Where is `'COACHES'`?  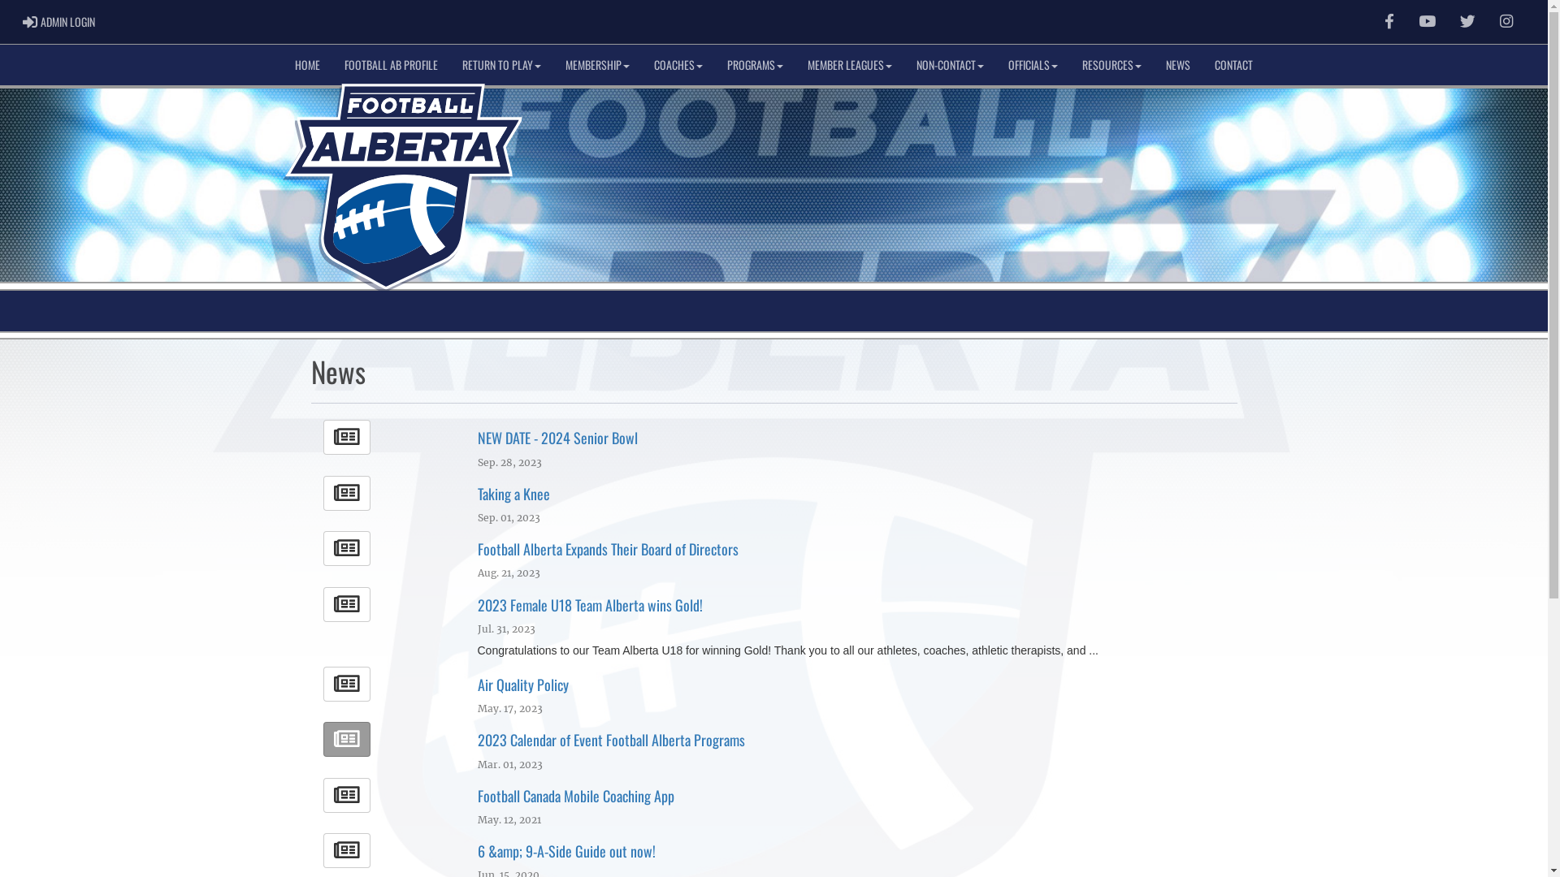
'COACHES' is located at coordinates (678, 64).